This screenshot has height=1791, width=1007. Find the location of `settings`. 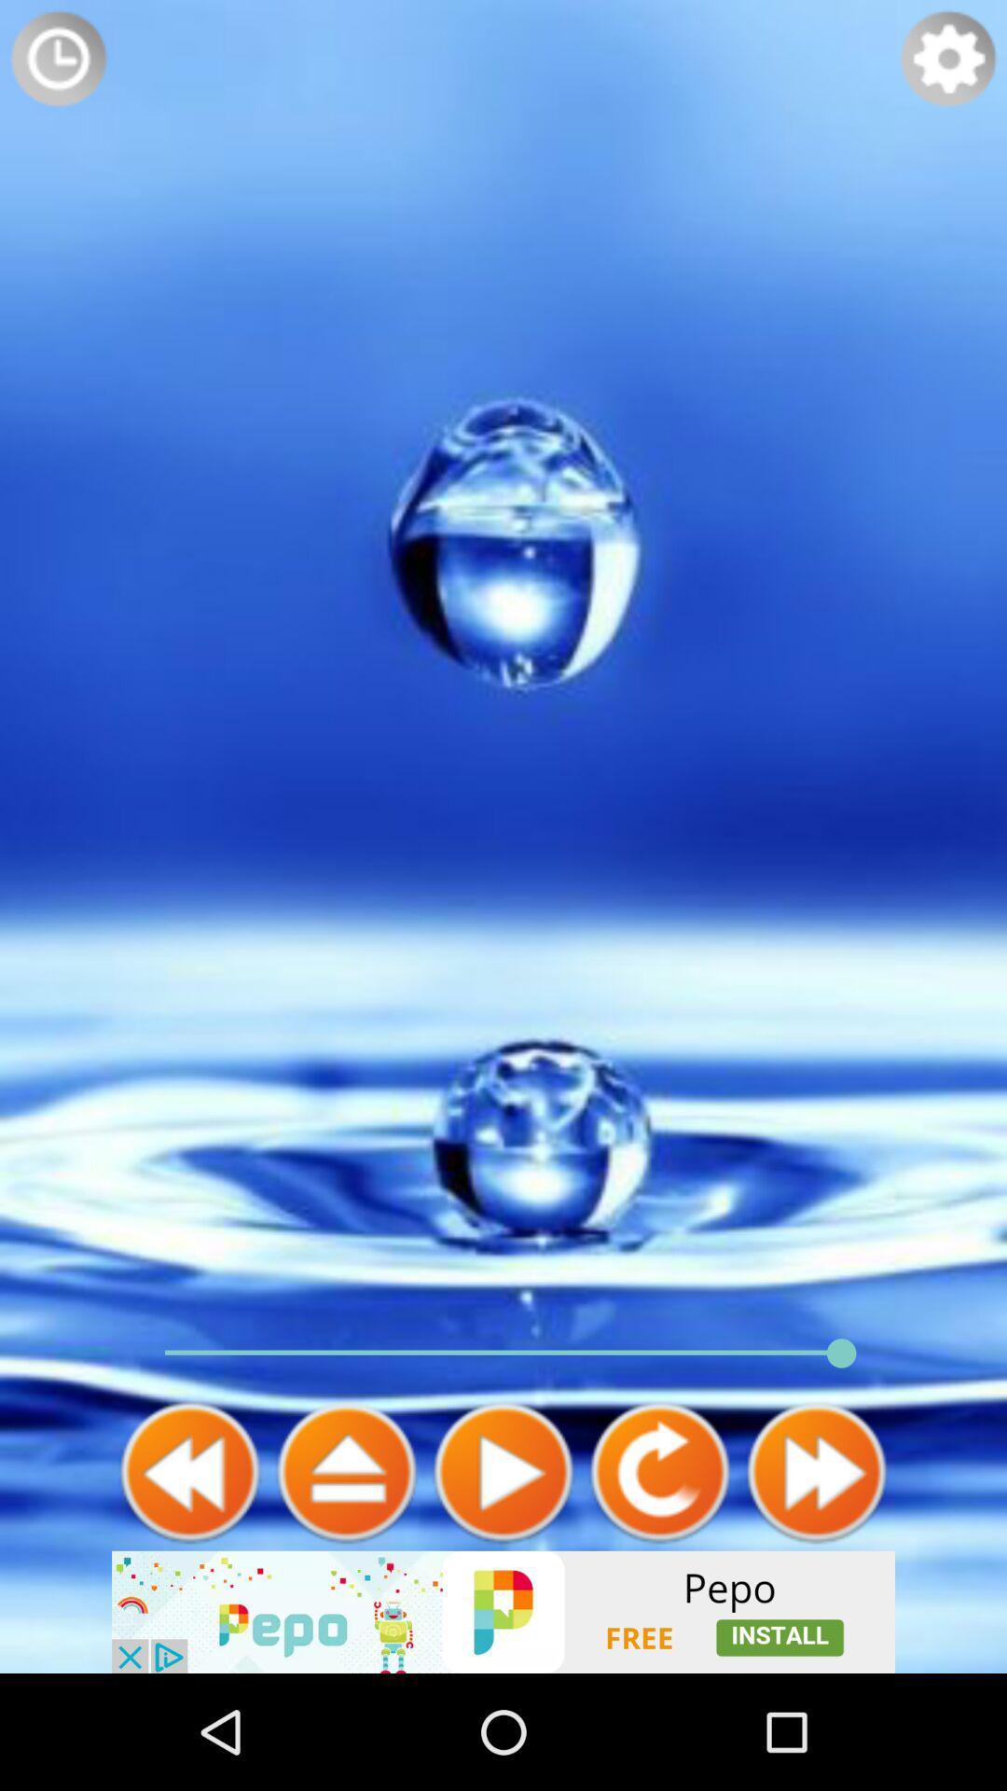

settings is located at coordinates (948, 58).